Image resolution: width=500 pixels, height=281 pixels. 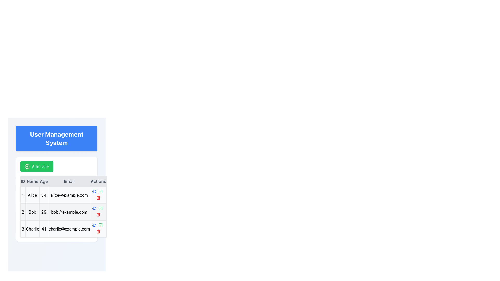 What do you see at coordinates (23, 228) in the screenshot?
I see `the leftmost table cell in the last visible row of the user management table, which represents the user's ID` at bounding box center [23, 228].